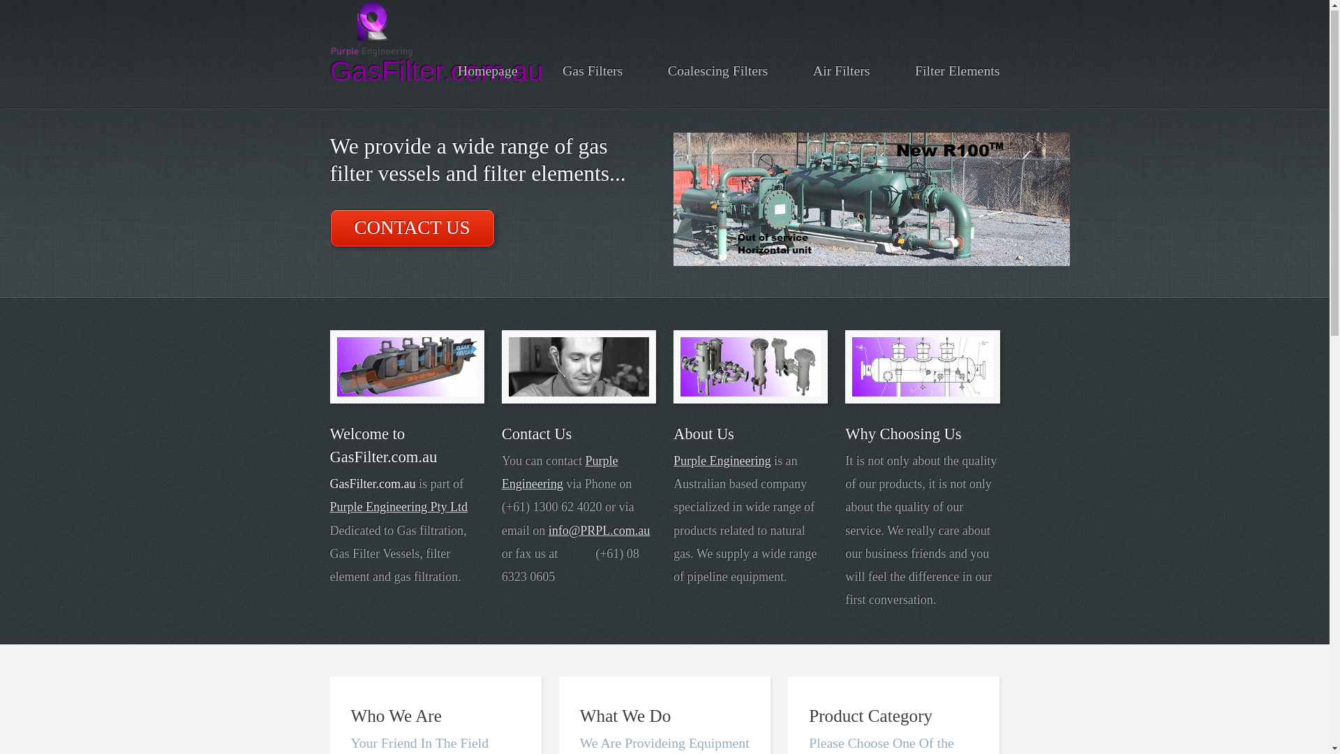 This screenshot has width=1340, height=754. I want to click on 'Purple Engineering Pty Ltd', so click(397, 507).